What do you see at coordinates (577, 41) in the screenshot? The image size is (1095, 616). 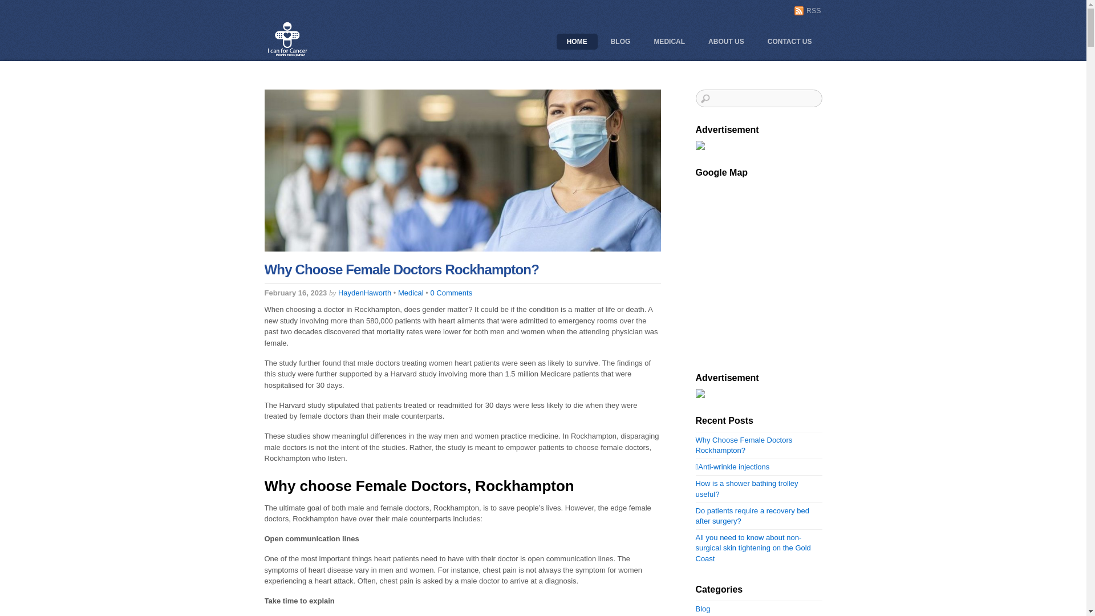 I see `'HOME'` at bounding box center [577, 41].